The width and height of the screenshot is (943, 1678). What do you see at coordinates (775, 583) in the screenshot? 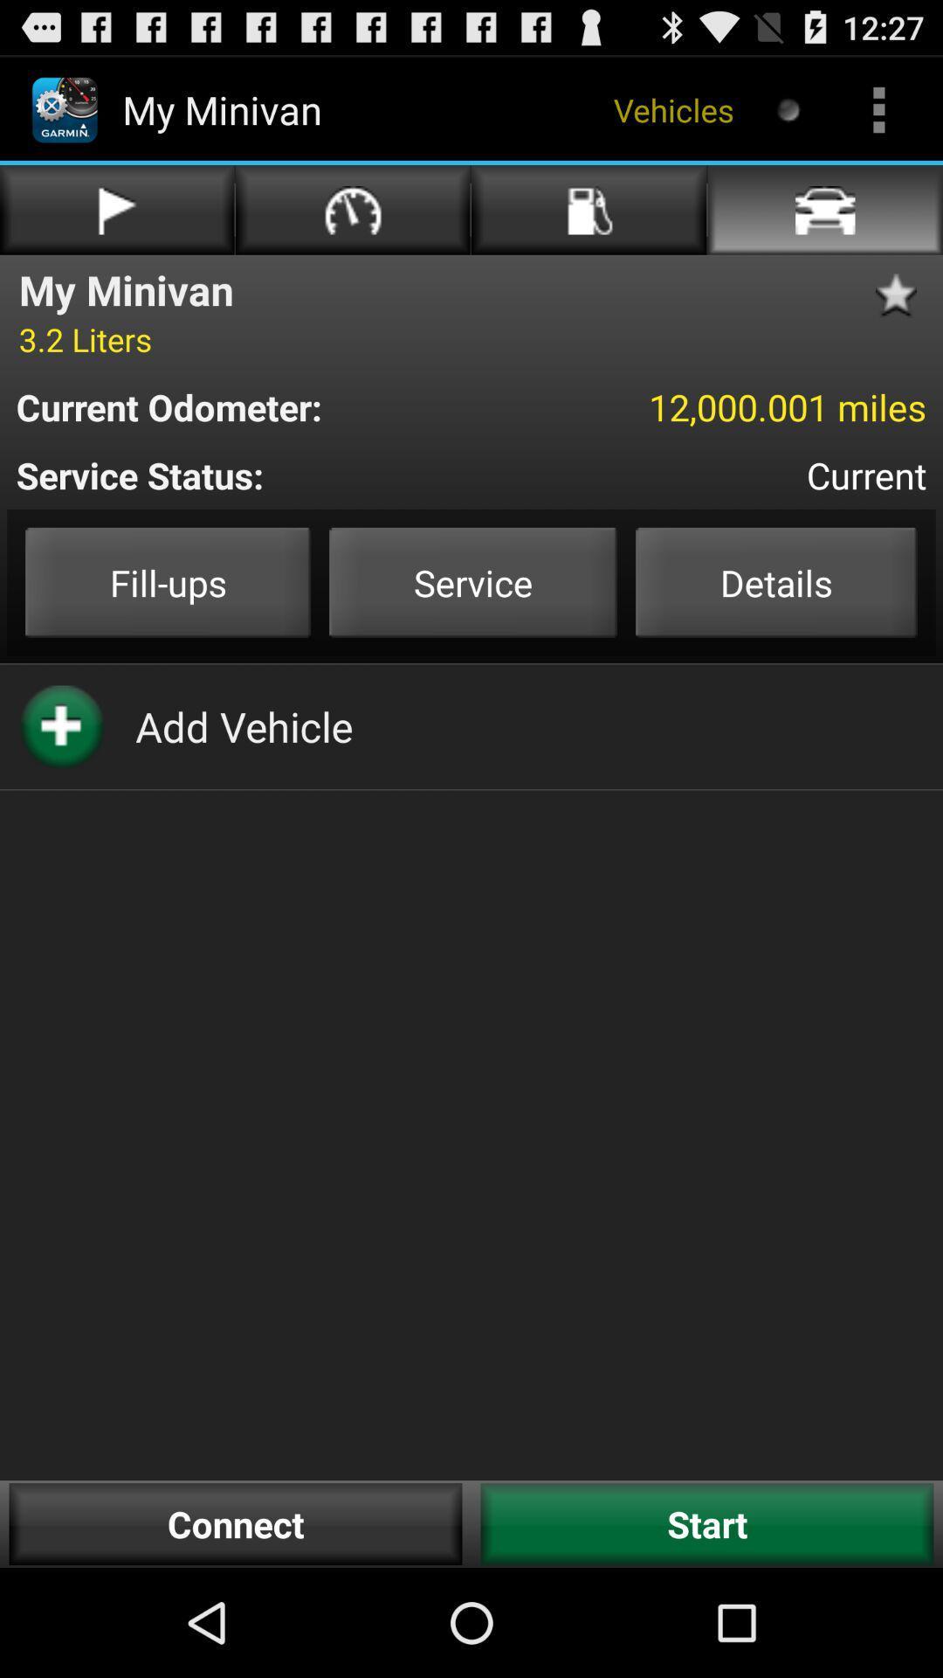
I see `the button details on the web page` at bounding box center [775, 583].